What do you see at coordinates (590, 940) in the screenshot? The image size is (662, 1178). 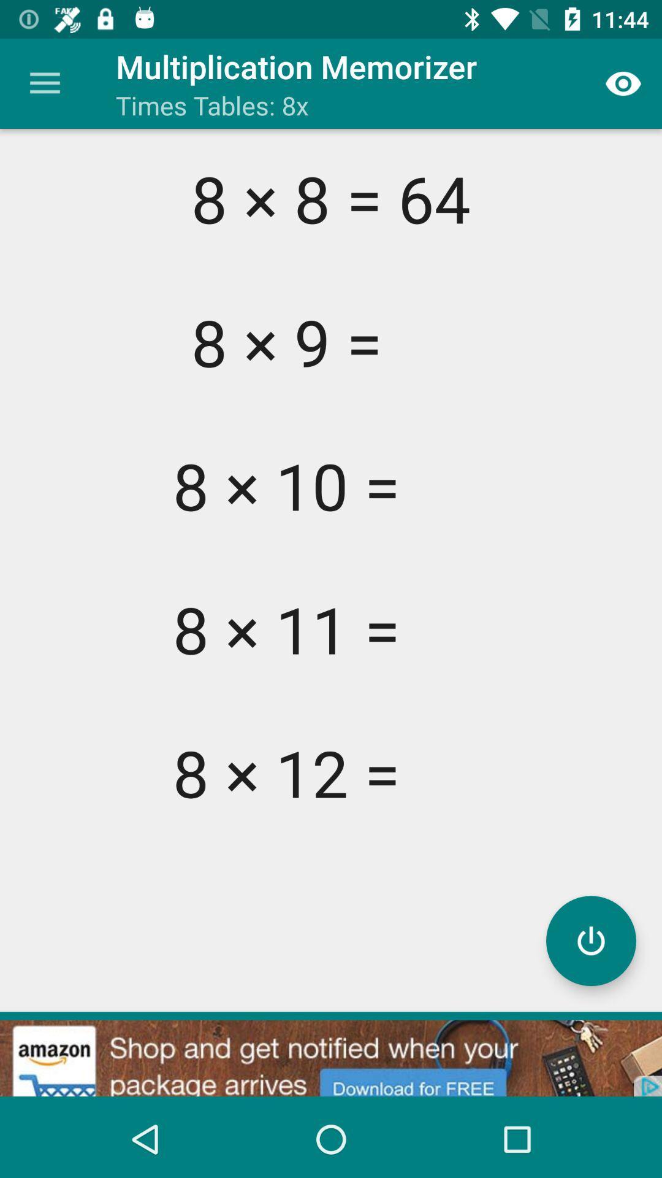 I see `tutorial` at bounding box center [590, 940].